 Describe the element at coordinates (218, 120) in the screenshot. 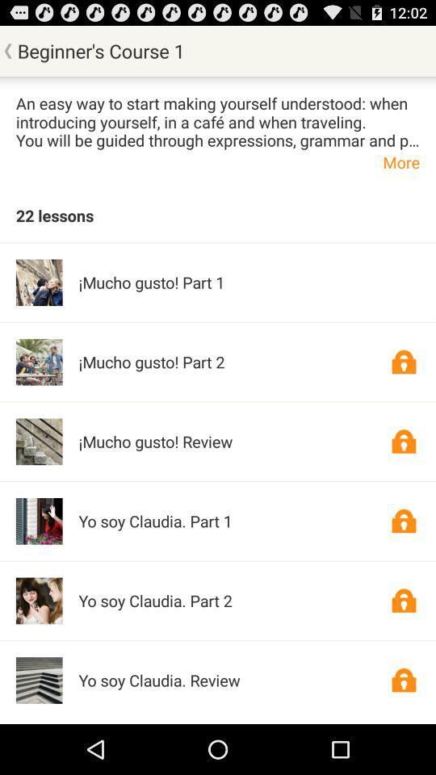

I see `the an easy way` at that location.